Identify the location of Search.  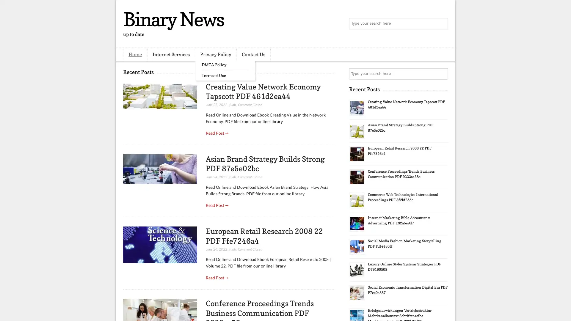
(442, 24).